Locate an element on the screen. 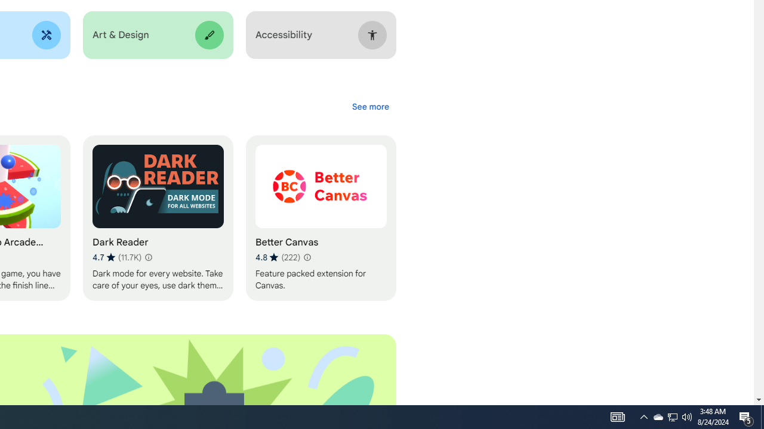  'See more personalized recommendations' is located at coordinates (369, 106).